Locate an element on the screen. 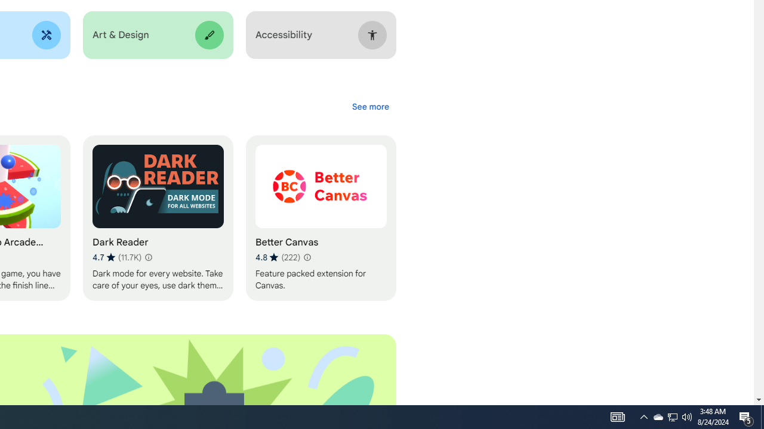  'See more personalized recommendations' is located at coordinates (369, 106).